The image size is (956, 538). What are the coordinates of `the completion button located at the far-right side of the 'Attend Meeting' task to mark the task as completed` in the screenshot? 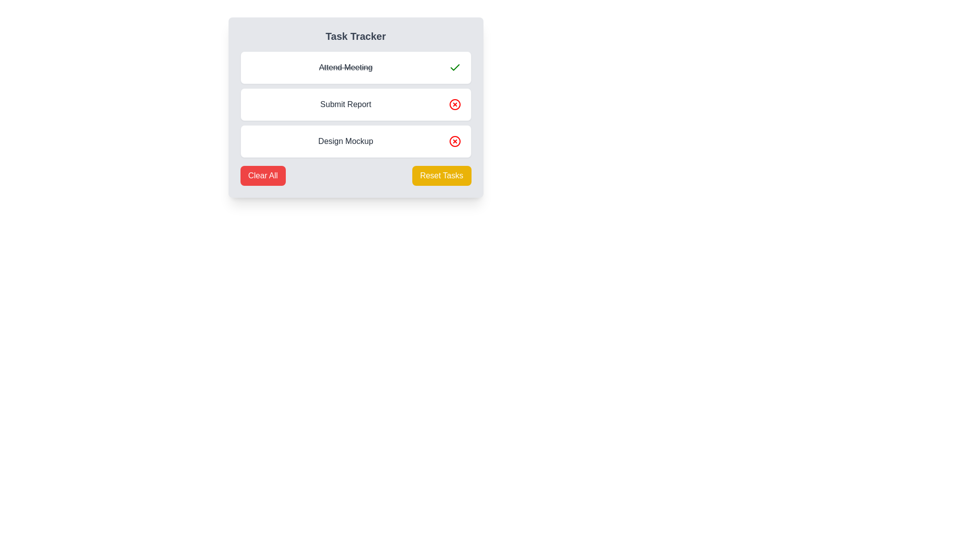 It's located at (454, 67).